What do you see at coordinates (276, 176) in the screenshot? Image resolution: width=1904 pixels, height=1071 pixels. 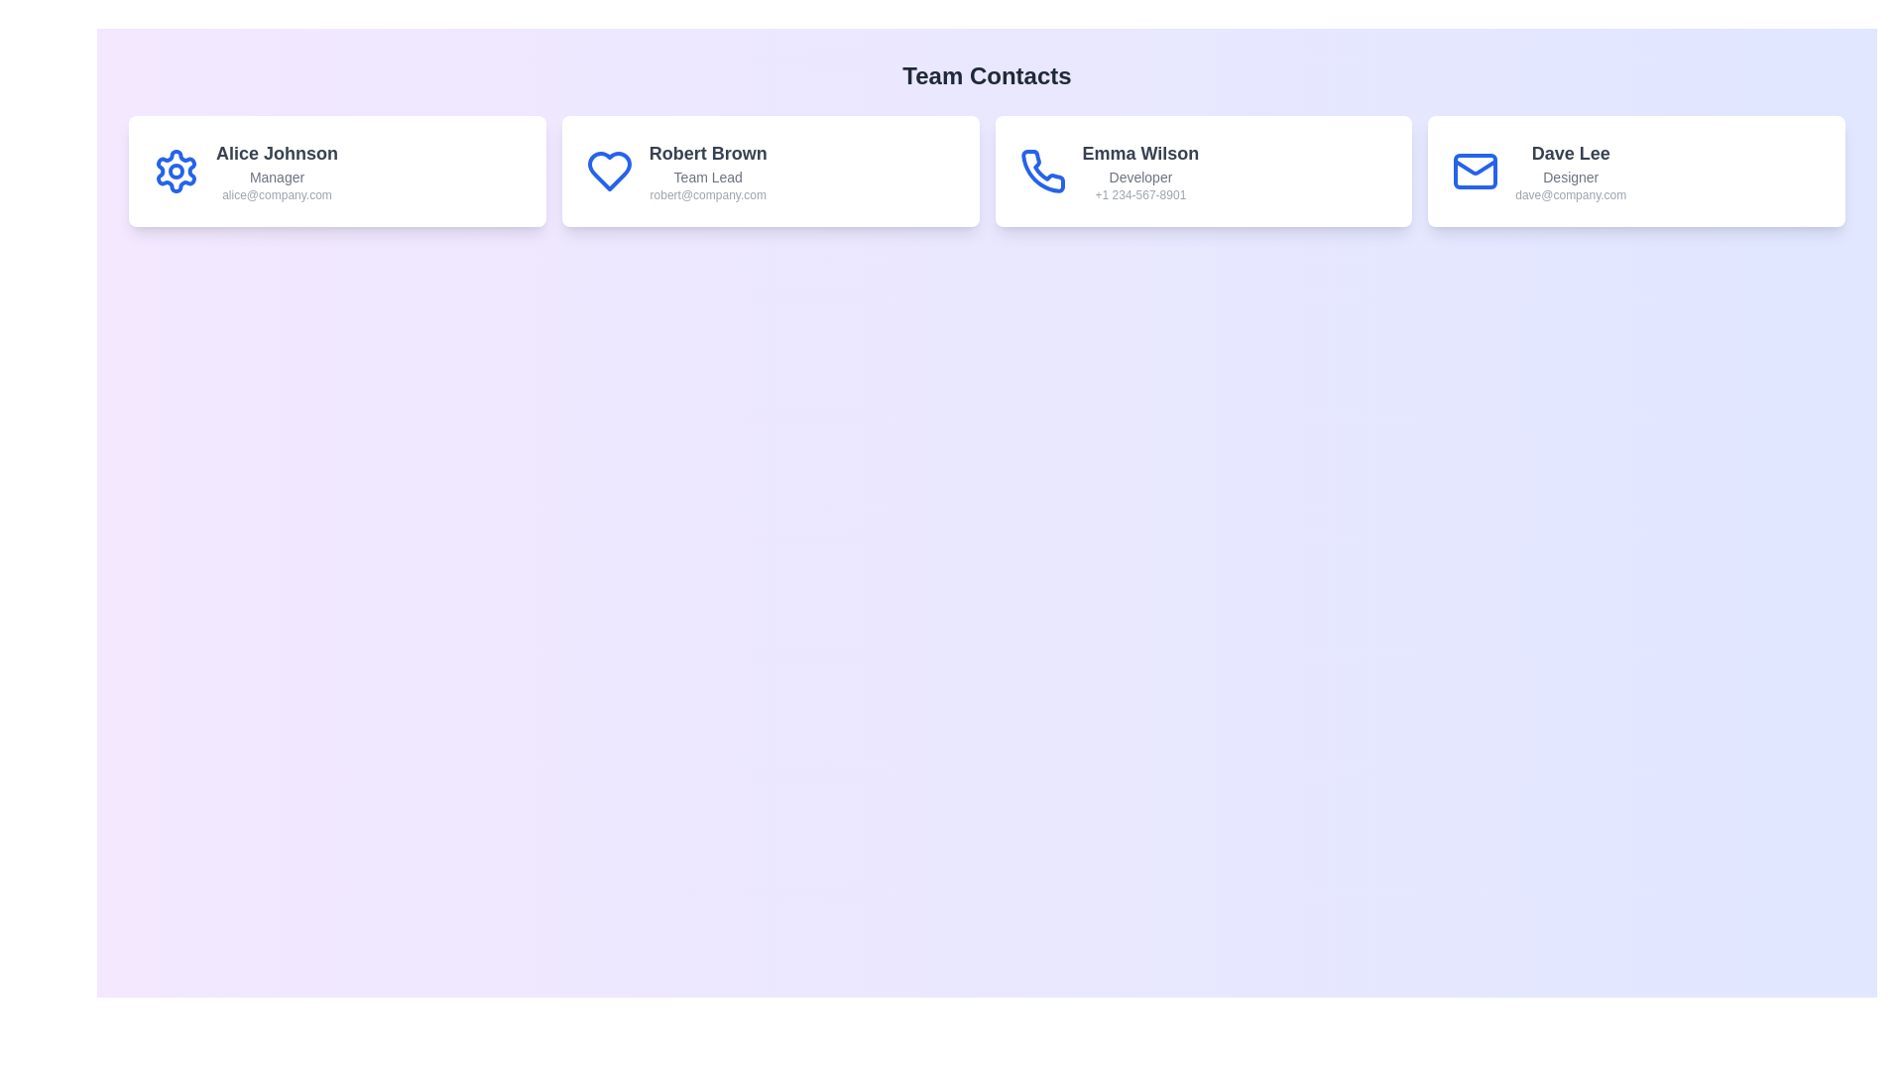 I see `the text label displaying 'Manager', which is styled in gray and located below 'Alice Johnson' within the leftmost card interface` at bounding box center [276, 176].